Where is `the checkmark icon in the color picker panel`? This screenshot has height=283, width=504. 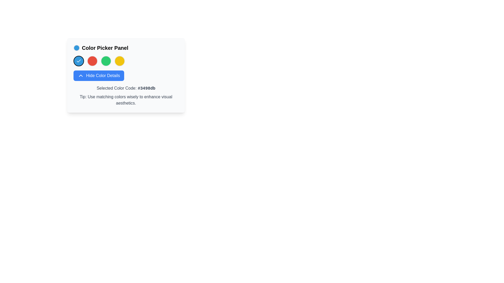
the checkmark icon in the color picker panel is located at coordinates (78, 61).